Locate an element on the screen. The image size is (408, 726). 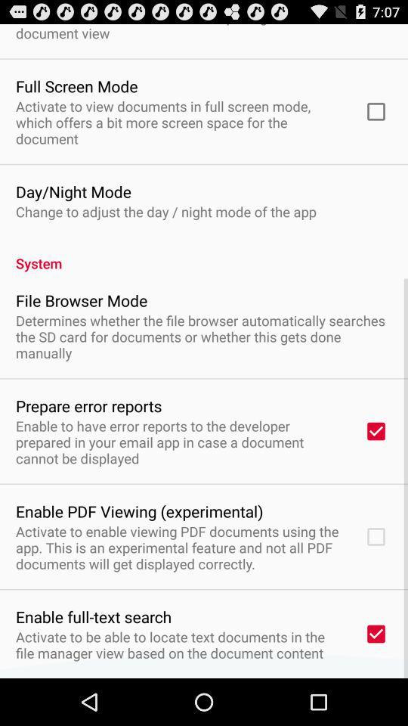
system app is located at coordinates (204, 255).